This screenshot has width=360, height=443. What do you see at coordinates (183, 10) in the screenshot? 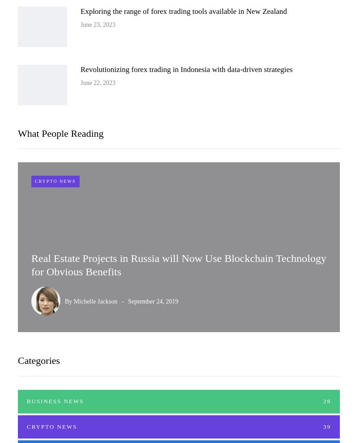
I see `'Exploring the range of forex trading tools available in New Zealand'` at bounding box center [183, 10].